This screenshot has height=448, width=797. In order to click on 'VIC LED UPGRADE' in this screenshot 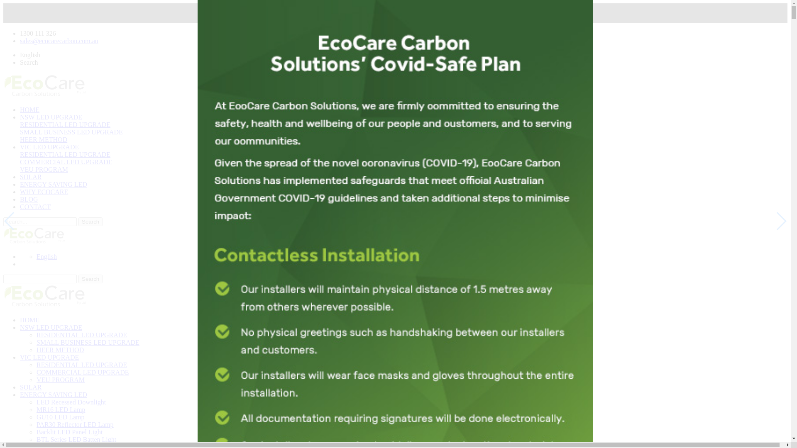, I will do `click(49, 357)`.